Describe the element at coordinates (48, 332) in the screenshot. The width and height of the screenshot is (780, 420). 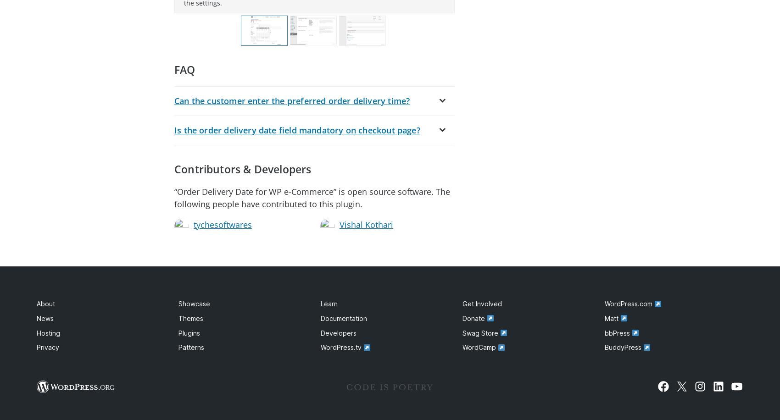
I see `'Hosting'` at that location.